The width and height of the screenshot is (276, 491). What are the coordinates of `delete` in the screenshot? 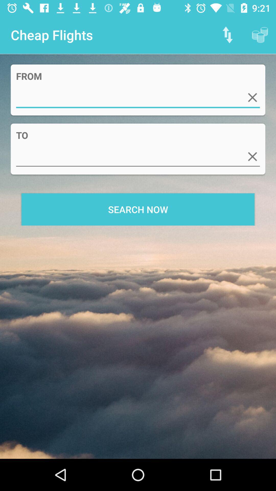 It's located at (252, 97).